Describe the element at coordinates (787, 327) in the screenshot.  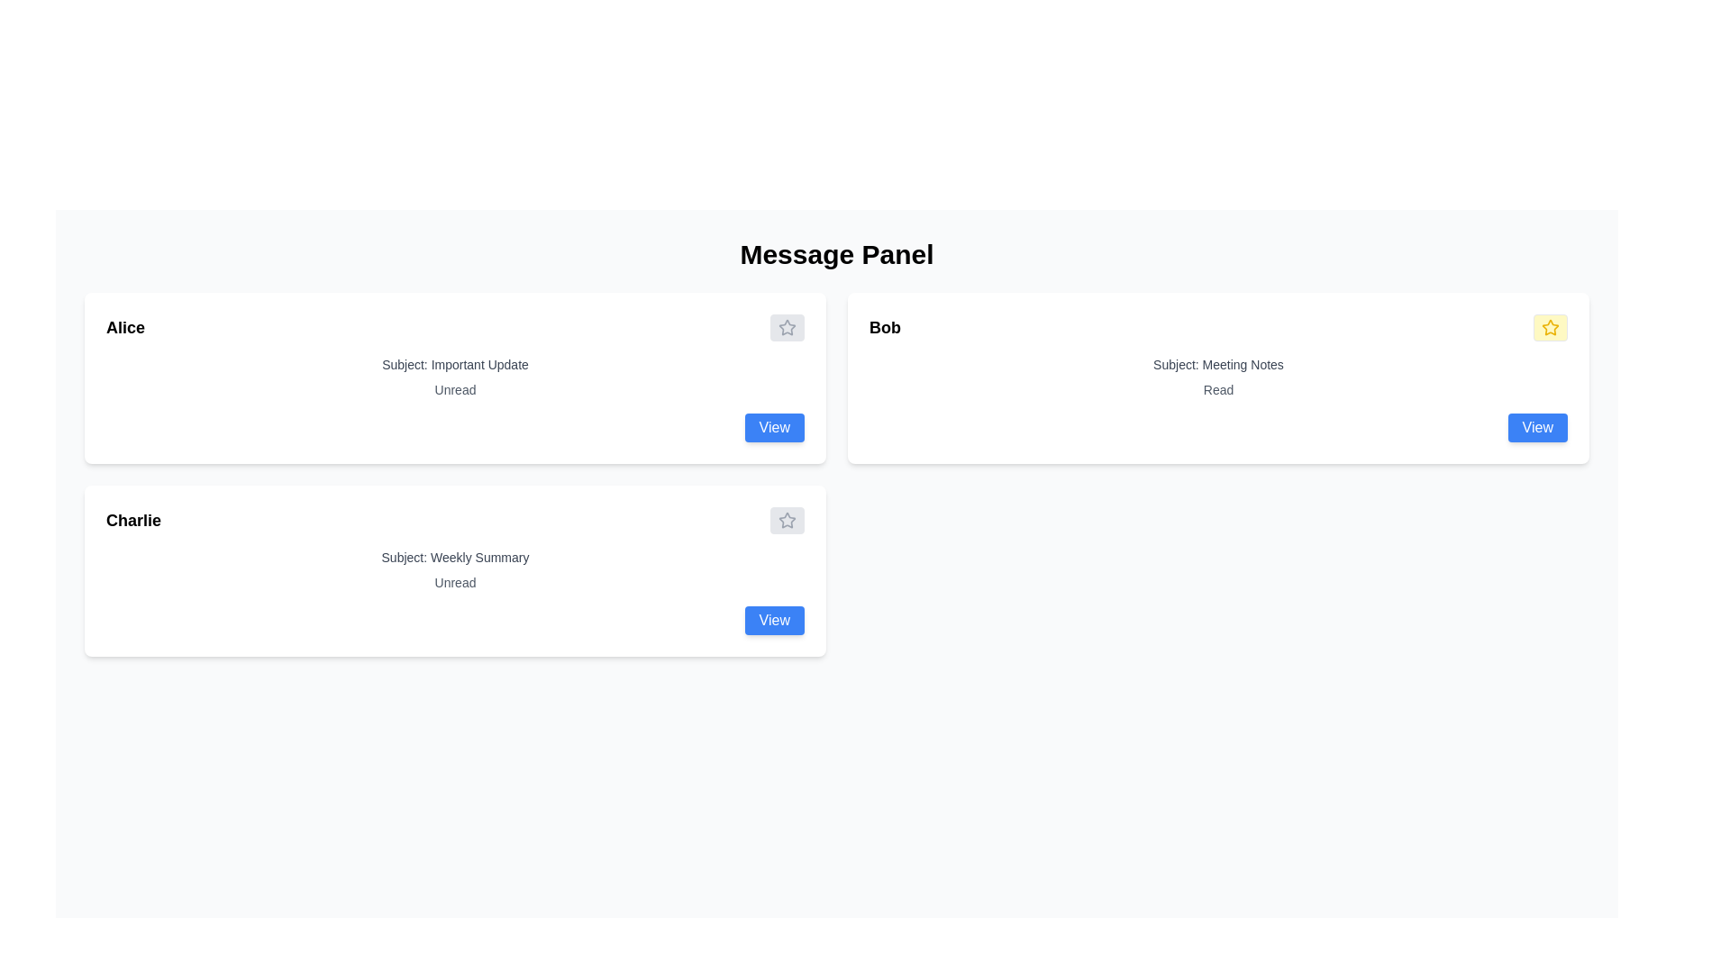
I see `the interactive star icon button, which is a hollow gray star located in the top-right corner of Alice's card` at that location.